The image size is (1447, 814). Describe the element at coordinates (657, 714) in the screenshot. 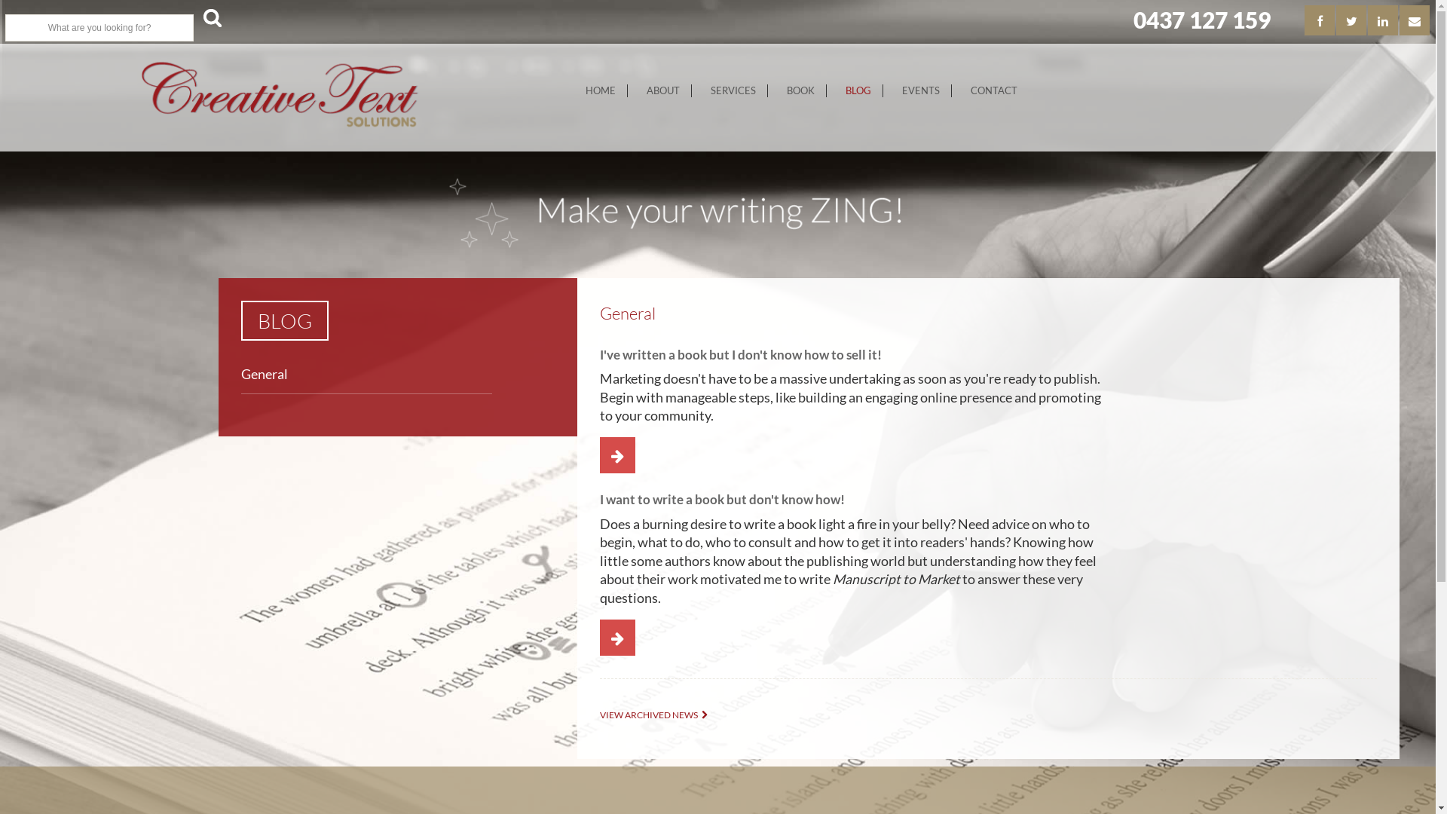

I see `'VIEW ARCHIVED NEWS'` at that location.